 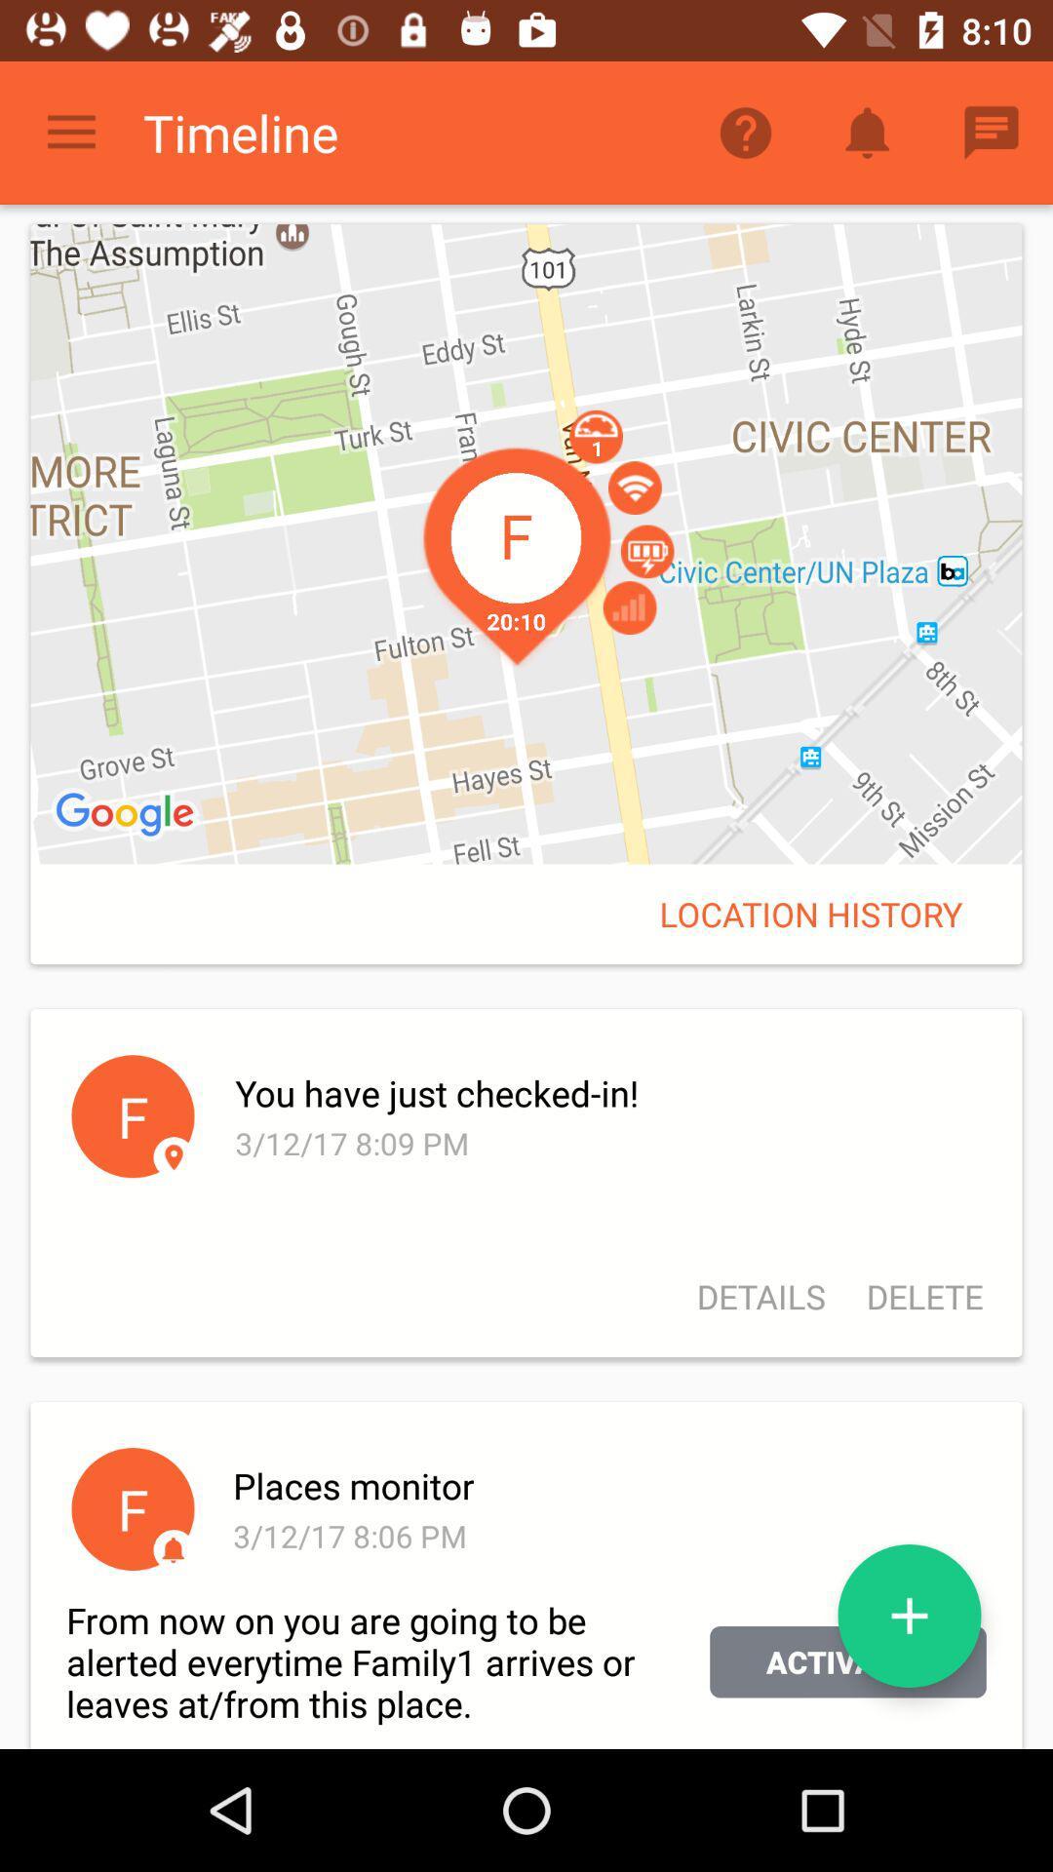 What do you see at coordinates (605, 1484) in the screenshot?
I see `the places monitor` at bounding box center [605, 1484].